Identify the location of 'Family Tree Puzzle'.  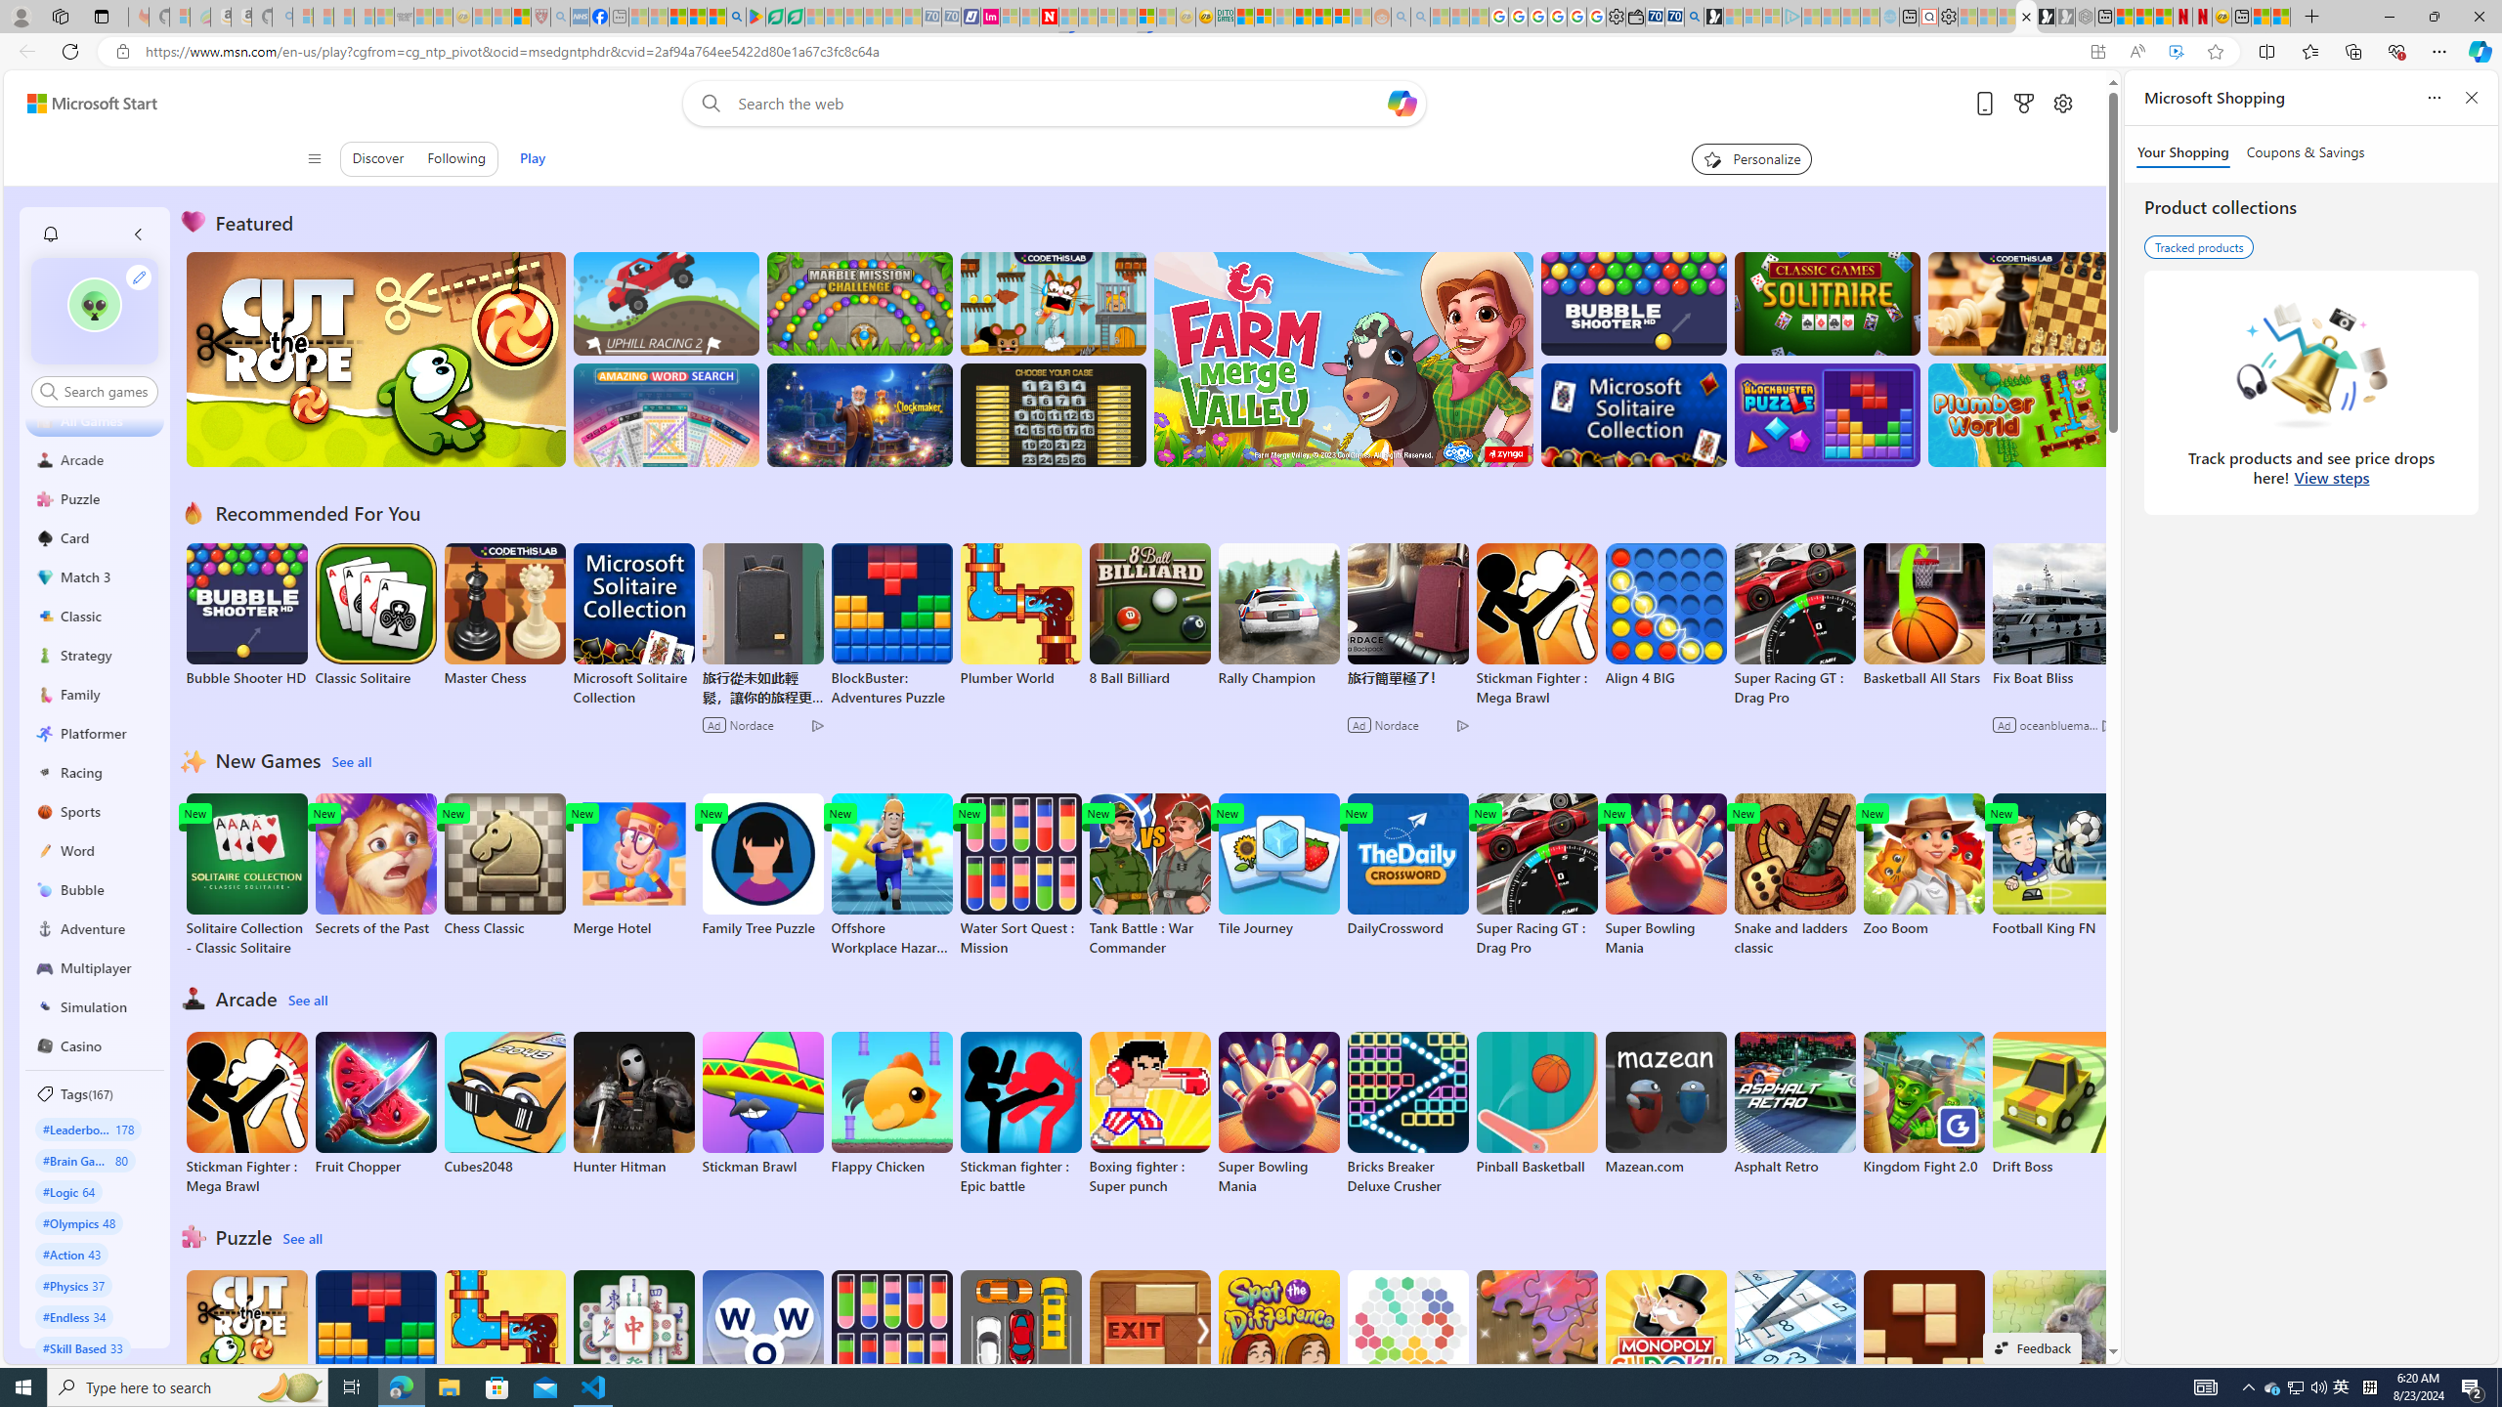
(760, 865).